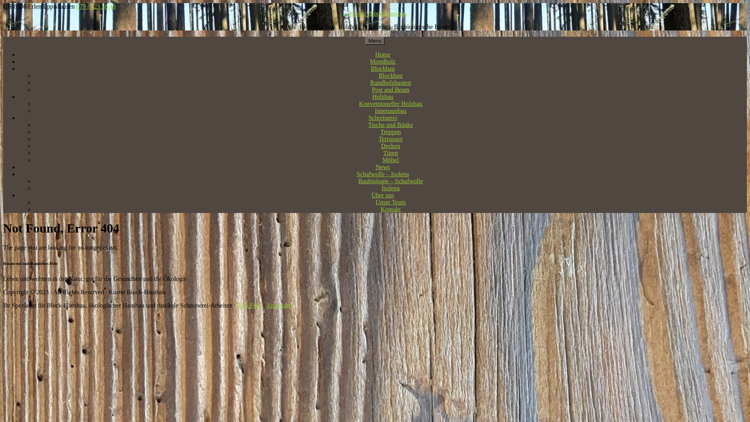 The height and width of the screenshot is (422, 750). I want to click on 'Holzbau', so click(382, 96).